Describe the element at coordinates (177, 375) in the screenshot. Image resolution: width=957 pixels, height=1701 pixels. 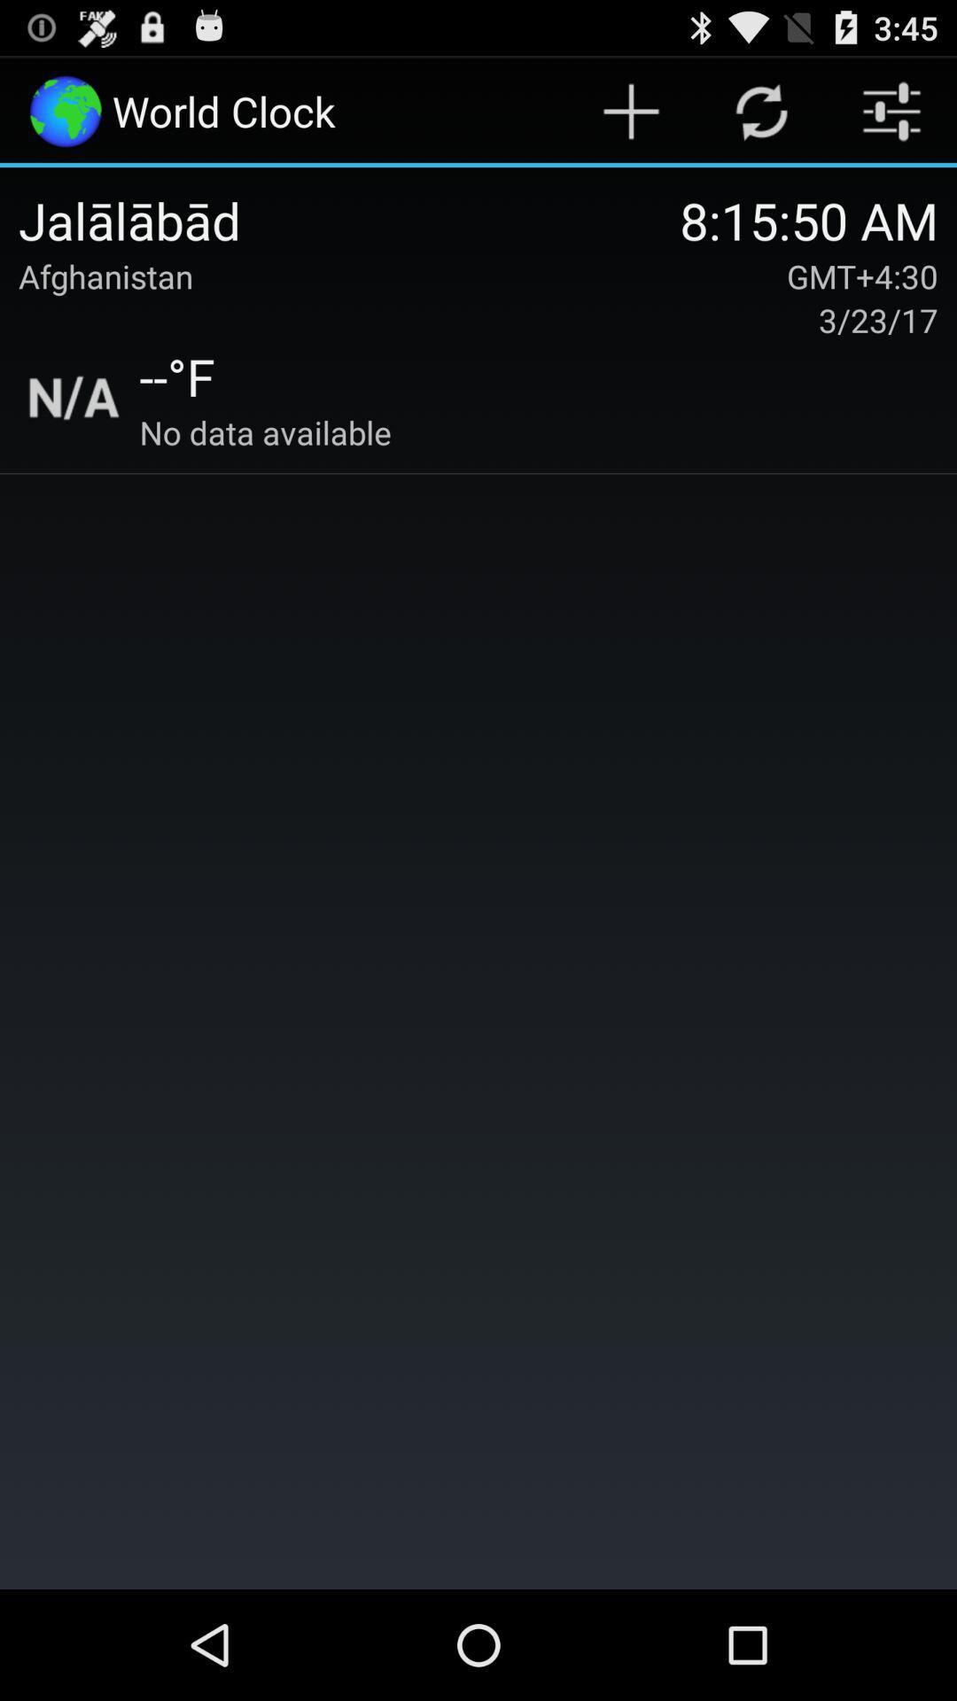
I see `the app above no data available icon` at that location.